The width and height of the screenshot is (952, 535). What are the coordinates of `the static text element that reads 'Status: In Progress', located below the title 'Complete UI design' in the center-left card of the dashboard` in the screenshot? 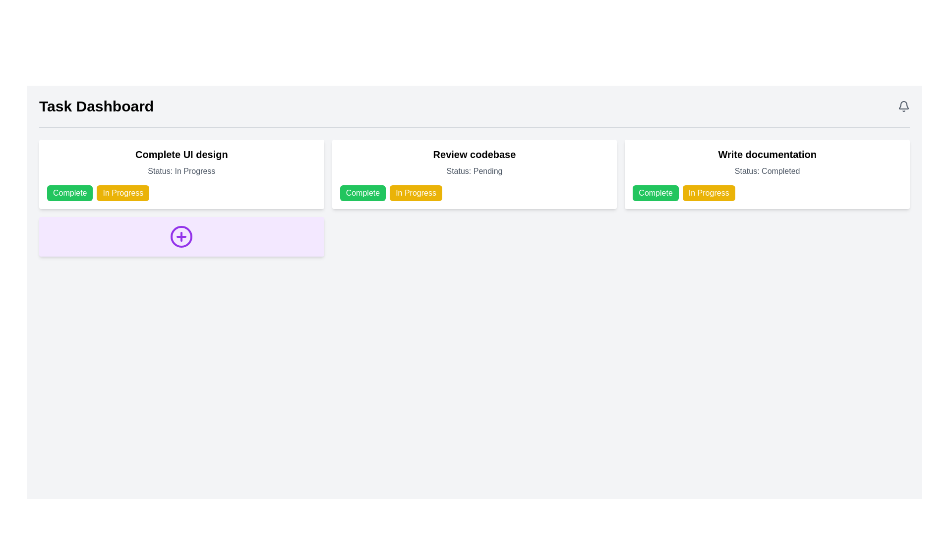 It's located at (181, 171).